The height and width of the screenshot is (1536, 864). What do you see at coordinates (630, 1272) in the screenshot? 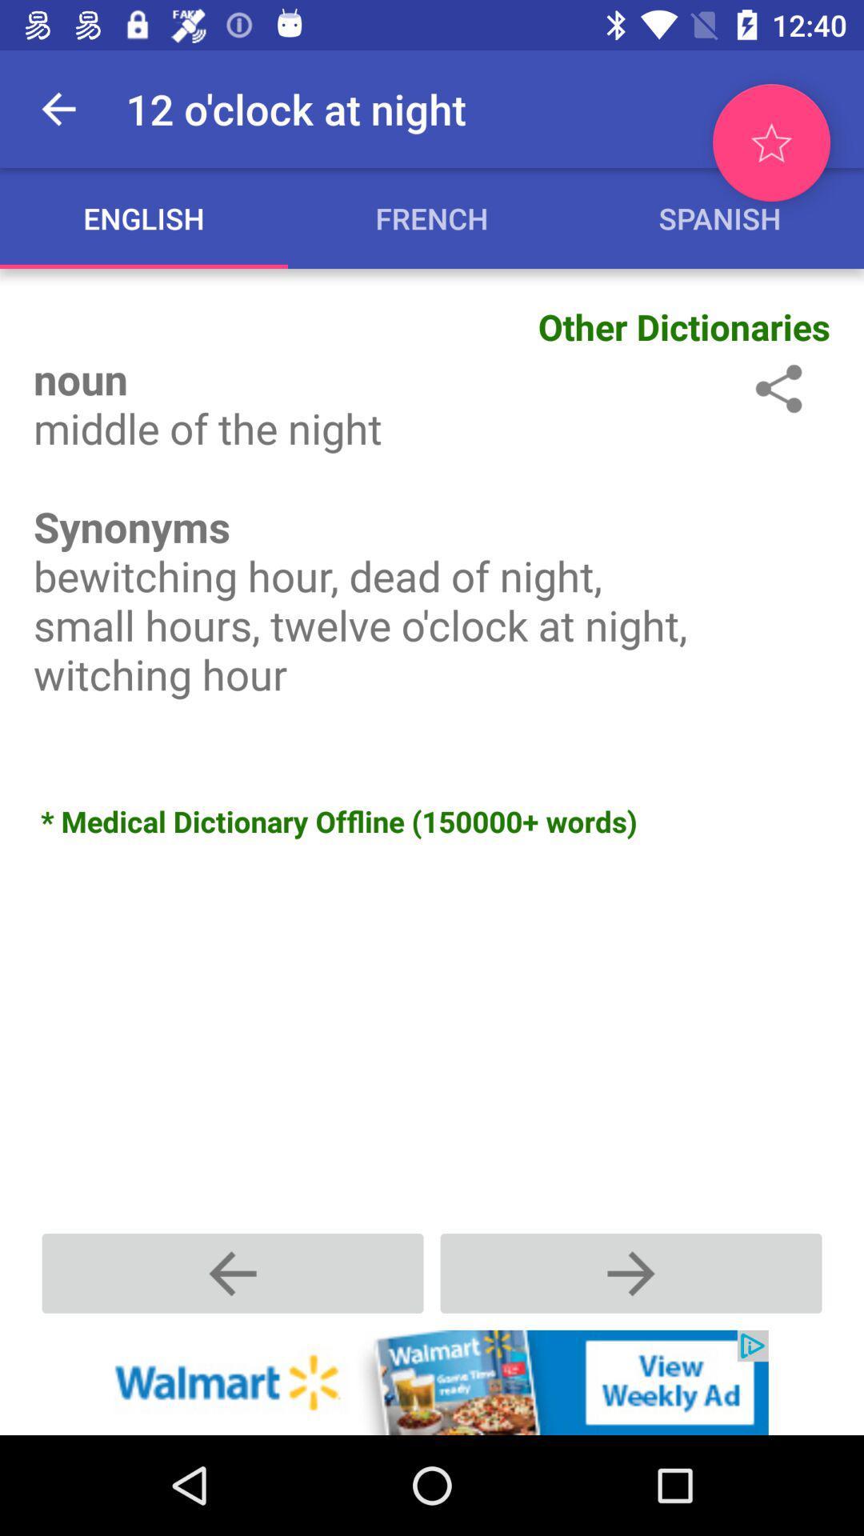
I see `next option` at bounding box center [630, 1272].